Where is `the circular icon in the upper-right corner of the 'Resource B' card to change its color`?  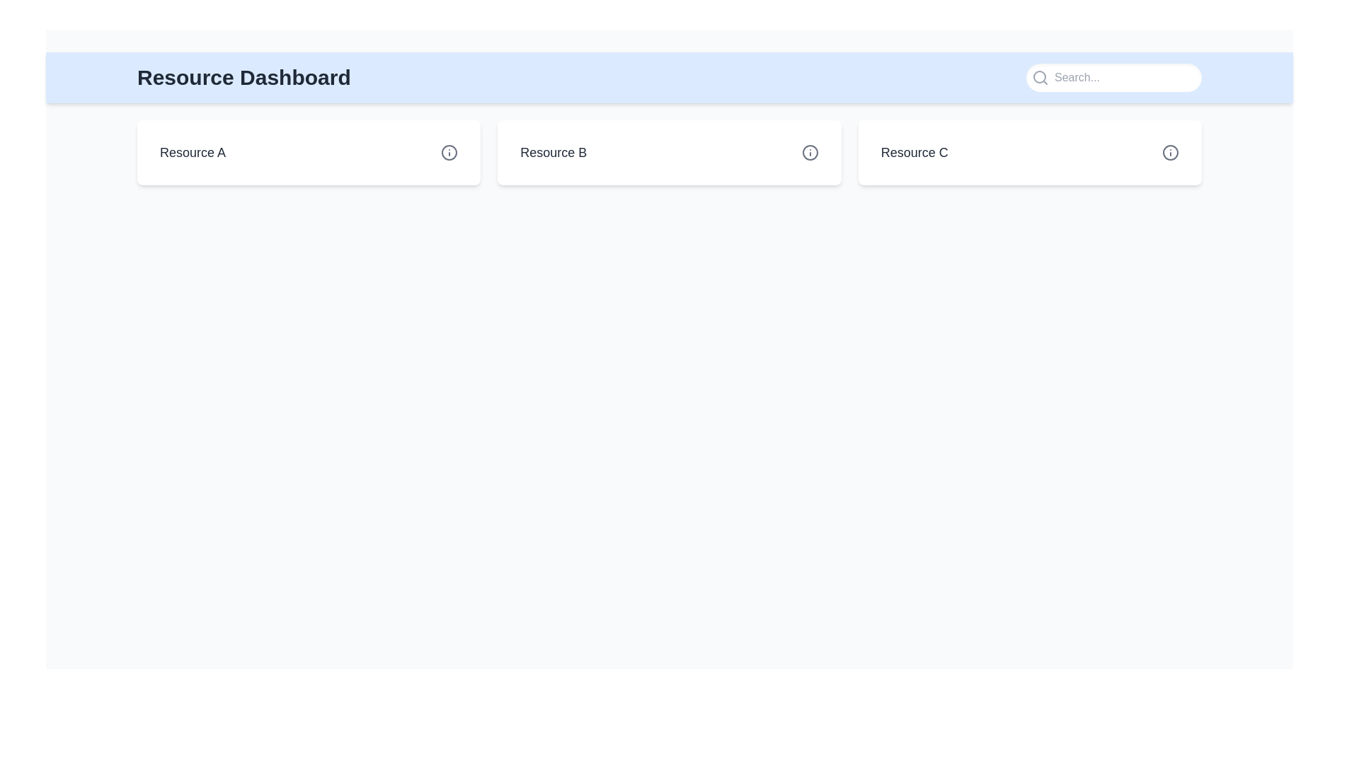
the circular icon in the upper-right corner of the 'Resource B' card to change its color is located at coordinates (810, 153).